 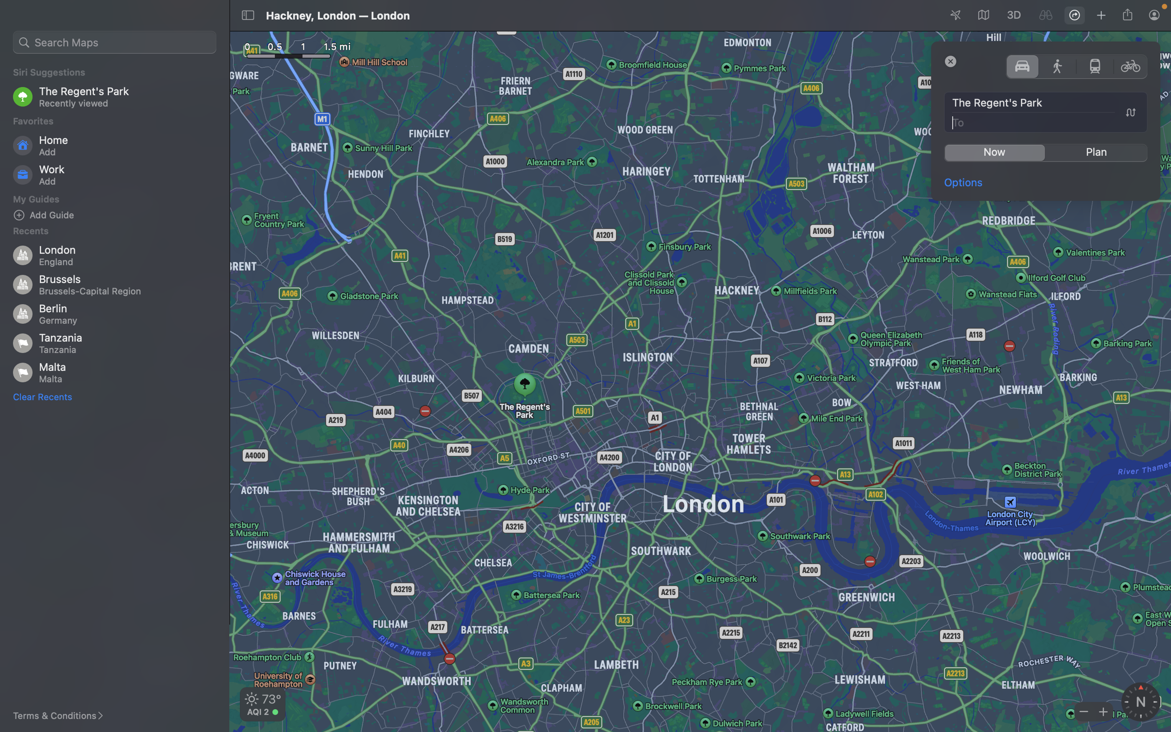 What do you see at coordinates (64, 716) in the screenshot?
I see `the "terms & conditions" link to examine the terms and conditions` at bounding box center [64, 716].